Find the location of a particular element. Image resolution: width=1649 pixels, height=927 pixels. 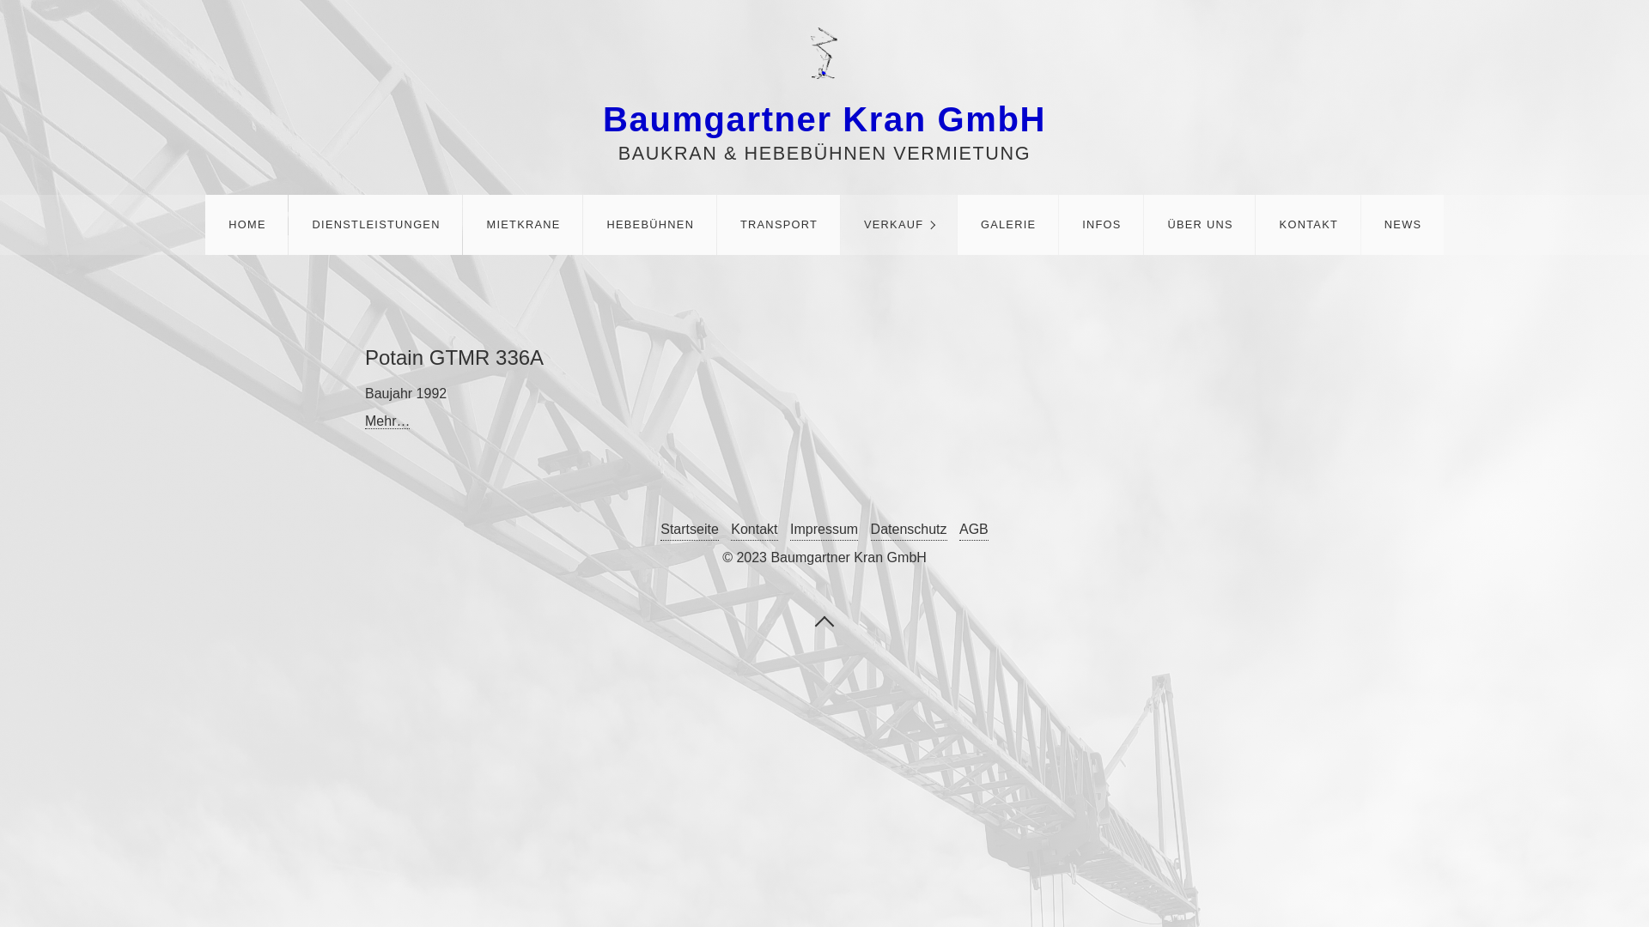

'VERKAUF' is located at coordinates (898, 224).